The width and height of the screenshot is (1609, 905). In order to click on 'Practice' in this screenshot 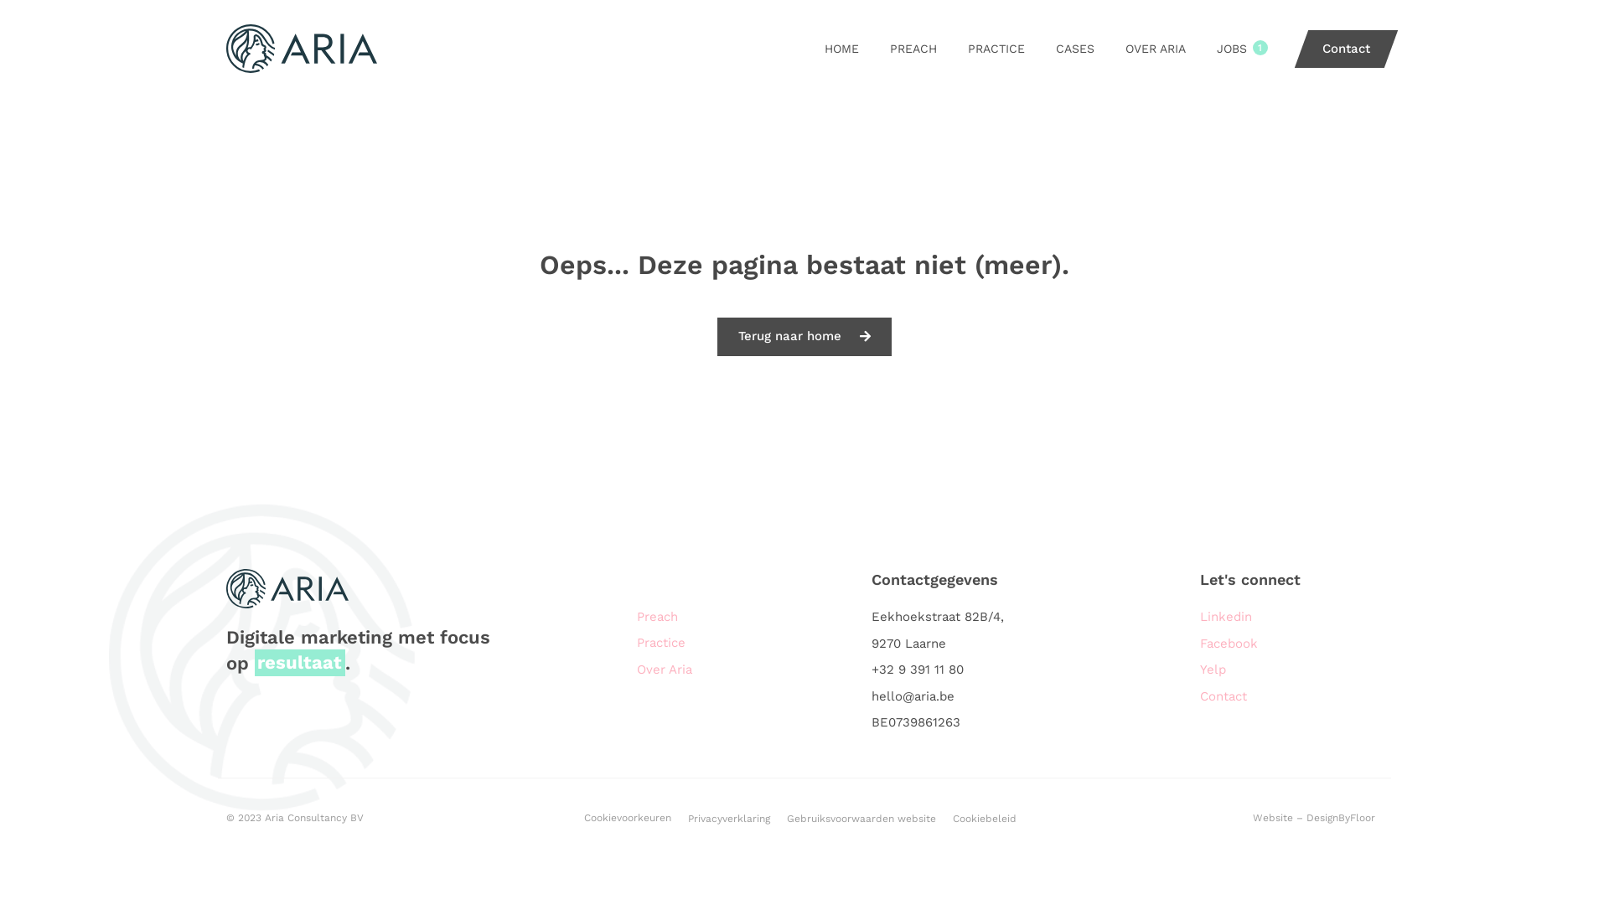, I will do `click(744, 642)`.